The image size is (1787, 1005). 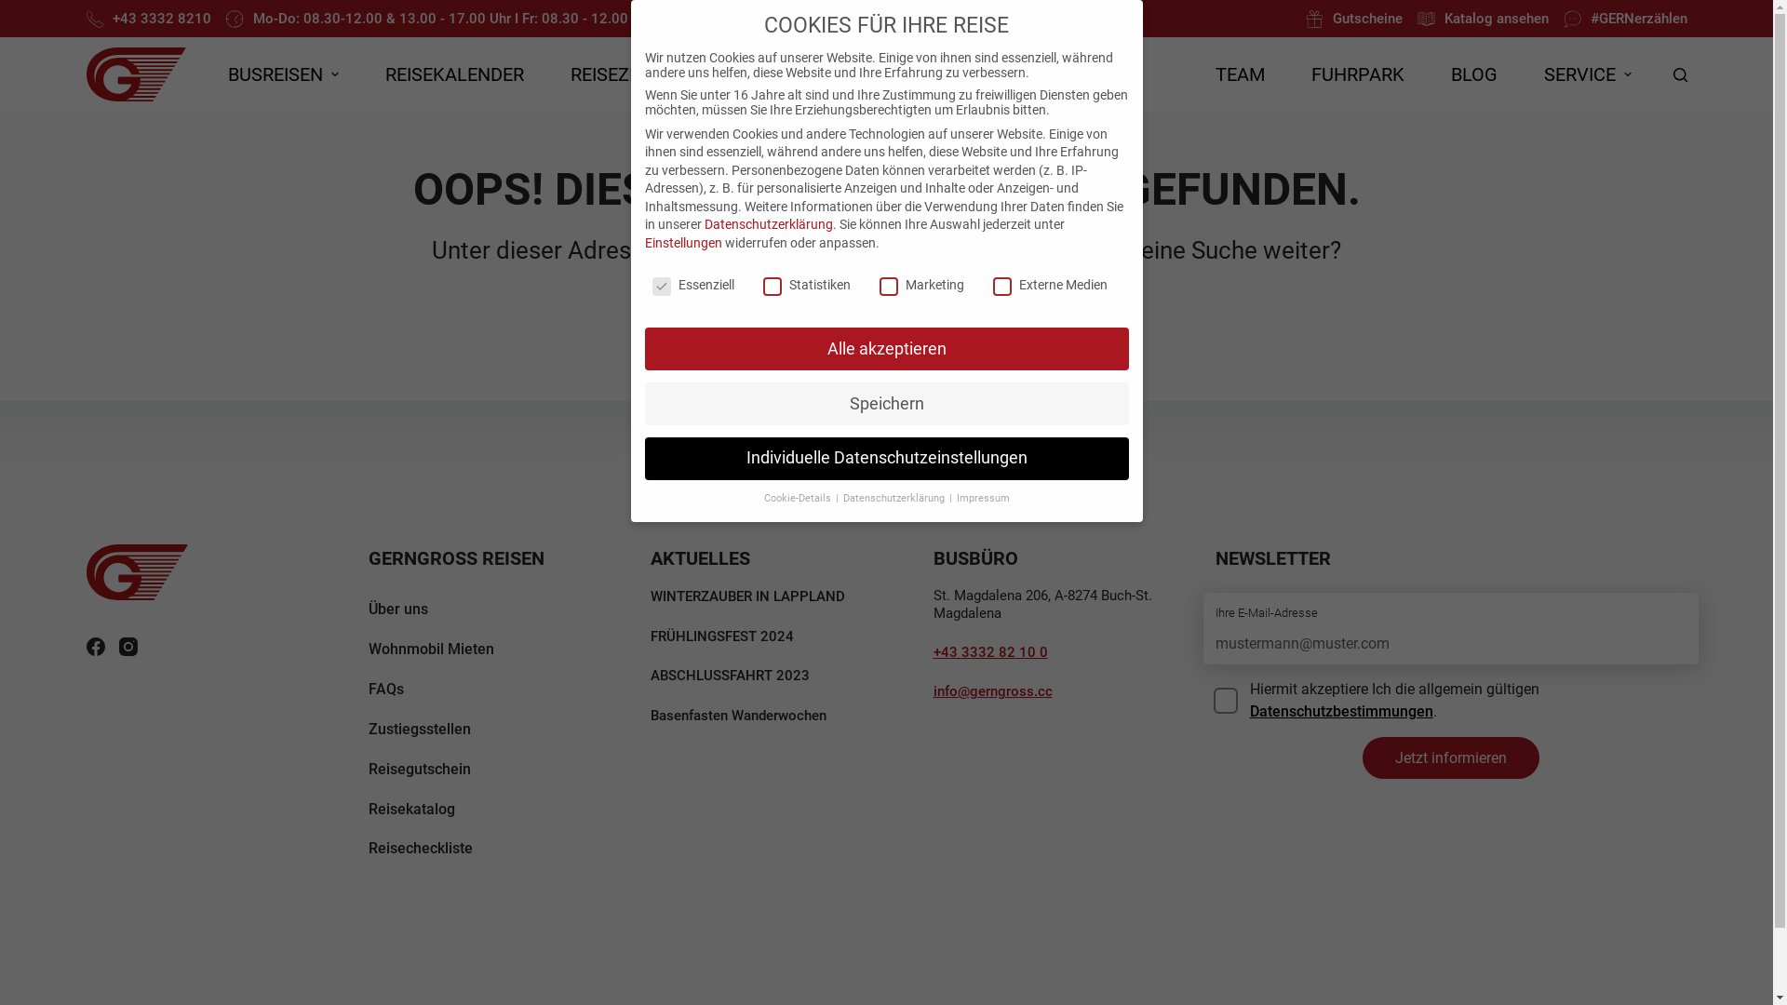 What do you see at coordinates (368, 848) in the screenshot?
I see `'Reisecheckliste'` at bounding box center [368, 848].